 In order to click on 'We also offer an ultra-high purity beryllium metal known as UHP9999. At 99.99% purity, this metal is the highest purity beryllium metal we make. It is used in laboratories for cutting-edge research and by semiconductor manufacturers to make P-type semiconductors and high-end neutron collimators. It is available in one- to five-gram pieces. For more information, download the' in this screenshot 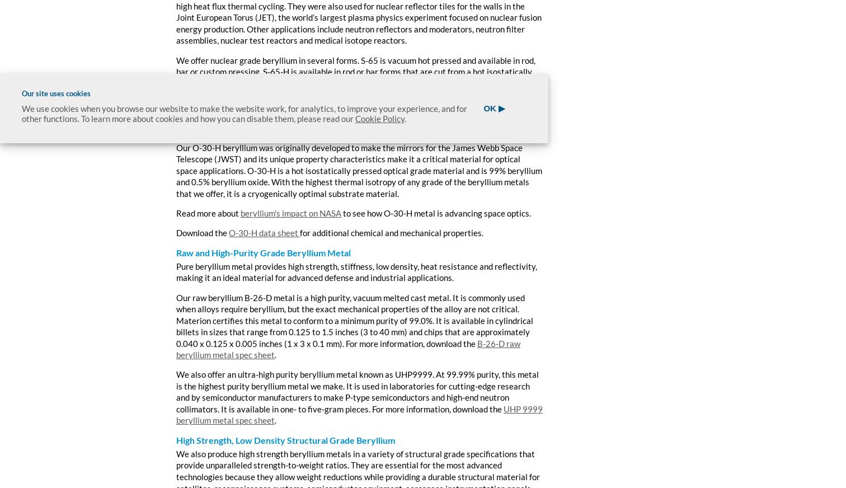, I will do `click(357, 391)`.